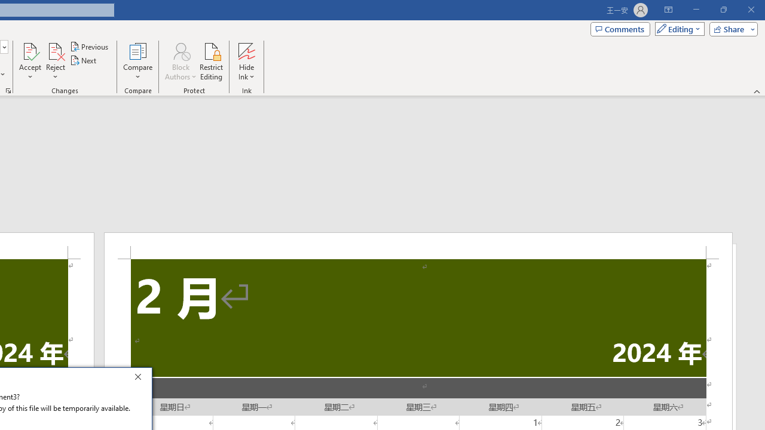 The width and height of the screenshot is (765, 430). Describe the element at coordinates (90, 46) in the screenshot. I see `'Previous'` at that location.